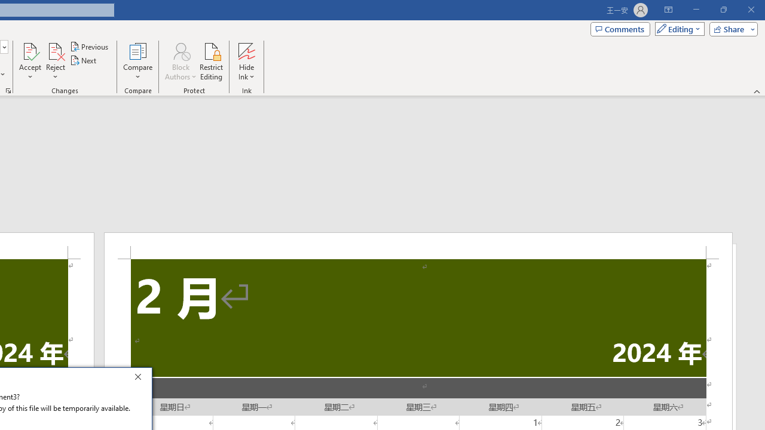 The width and height of the screenshot is (765, 430). Describe the element at coordinates (90, 46) in the screenshot. I see `'Previous'` at that location.